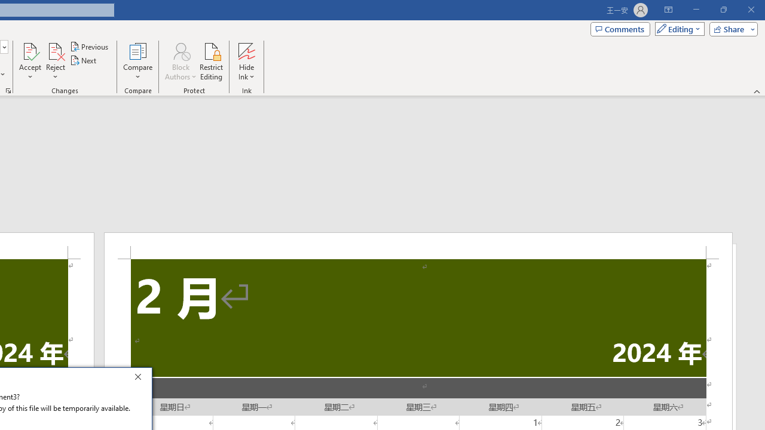 The width and height of the screenshot is (765, 430). Describe the element at coordinates (90, 46) in the screenshot. I see `'Previous'` at that location.